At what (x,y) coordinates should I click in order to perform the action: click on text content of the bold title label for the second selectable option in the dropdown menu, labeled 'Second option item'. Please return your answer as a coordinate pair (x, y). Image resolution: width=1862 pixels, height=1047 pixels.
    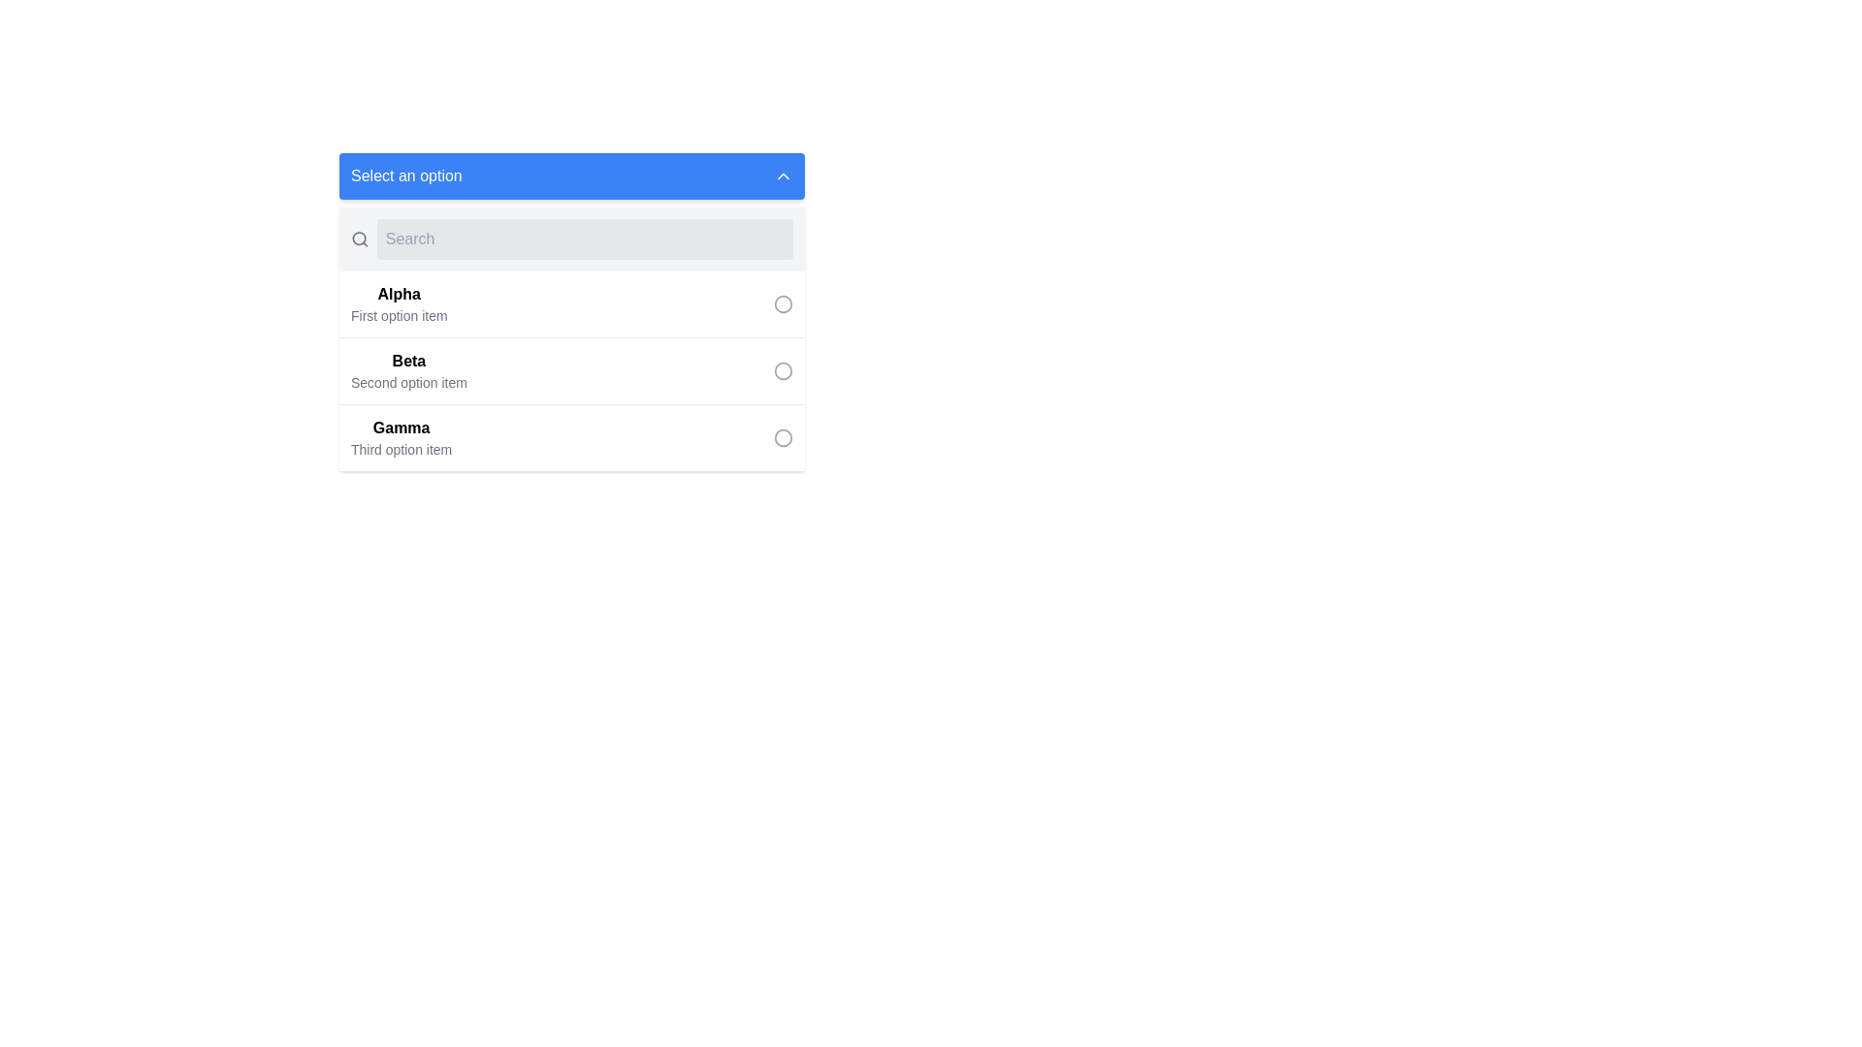
    Looking at the image, I should click on (408, 362).